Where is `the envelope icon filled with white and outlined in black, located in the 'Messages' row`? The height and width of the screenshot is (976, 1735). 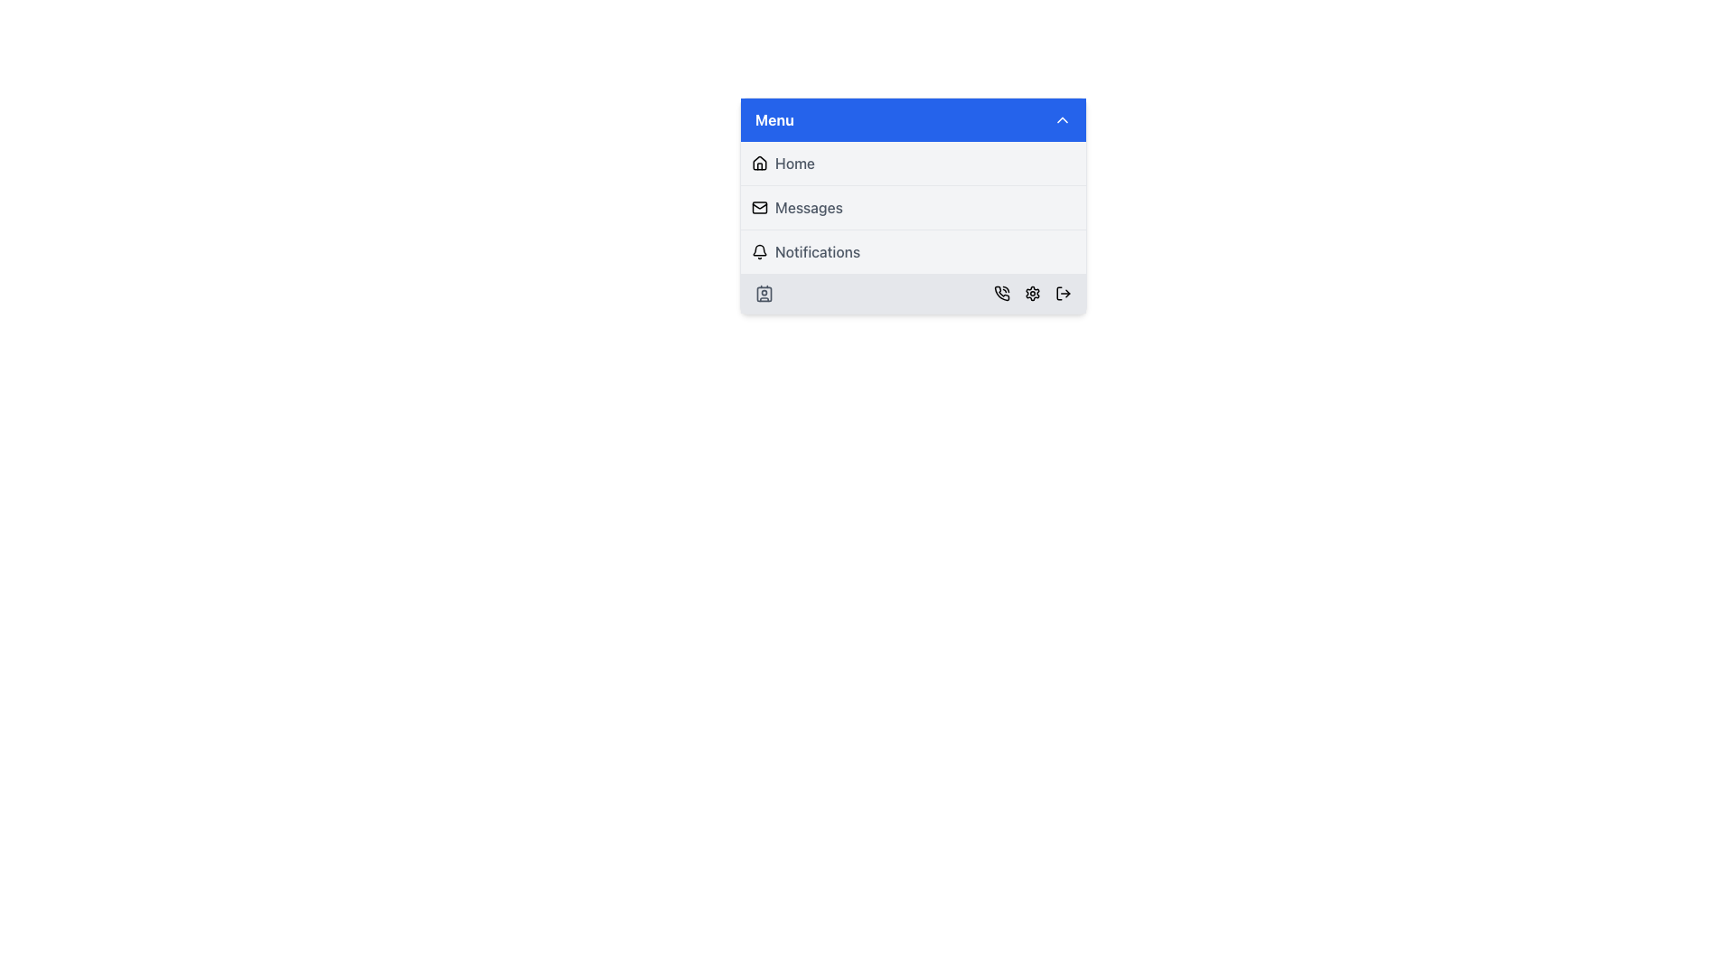 the envelope icon filled with white and outlined in black, located in the 'Messages' row is located at coordinates (759, 207).